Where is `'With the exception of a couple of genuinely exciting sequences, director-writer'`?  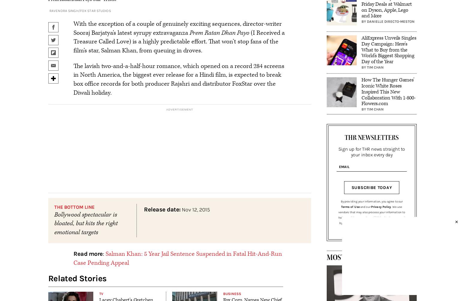
'With the exception of a couple of genuinely exciting sequences, director-writer' is located at coordinates (73, 24).